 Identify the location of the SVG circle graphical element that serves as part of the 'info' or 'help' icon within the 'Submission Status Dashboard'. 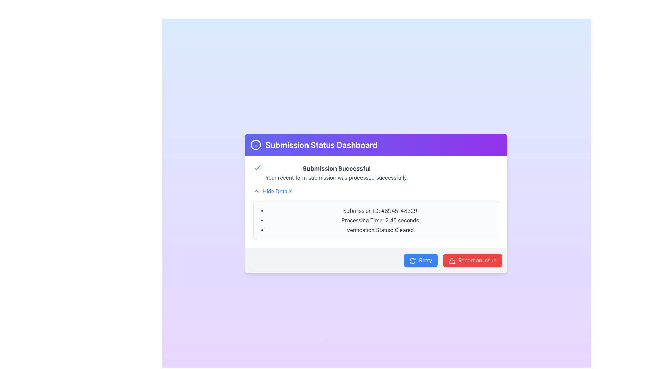
(255, 145).